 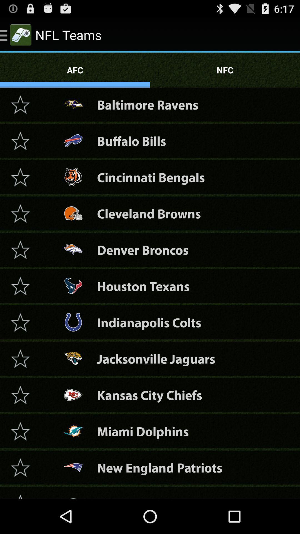 I want to click on jacksonville jaguars, so click(x=156, y=359).